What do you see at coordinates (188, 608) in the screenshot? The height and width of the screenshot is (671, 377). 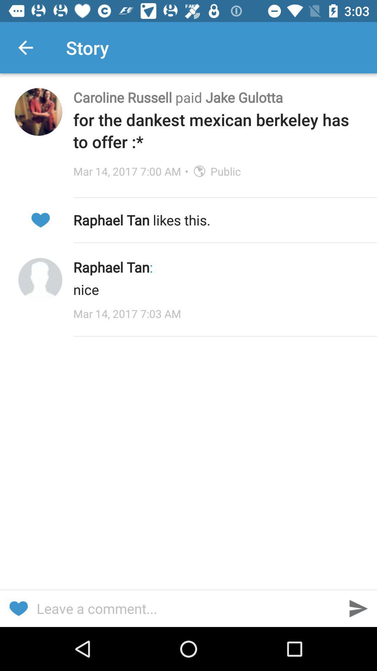 I see `comment option` at bounding box center [188, 608].